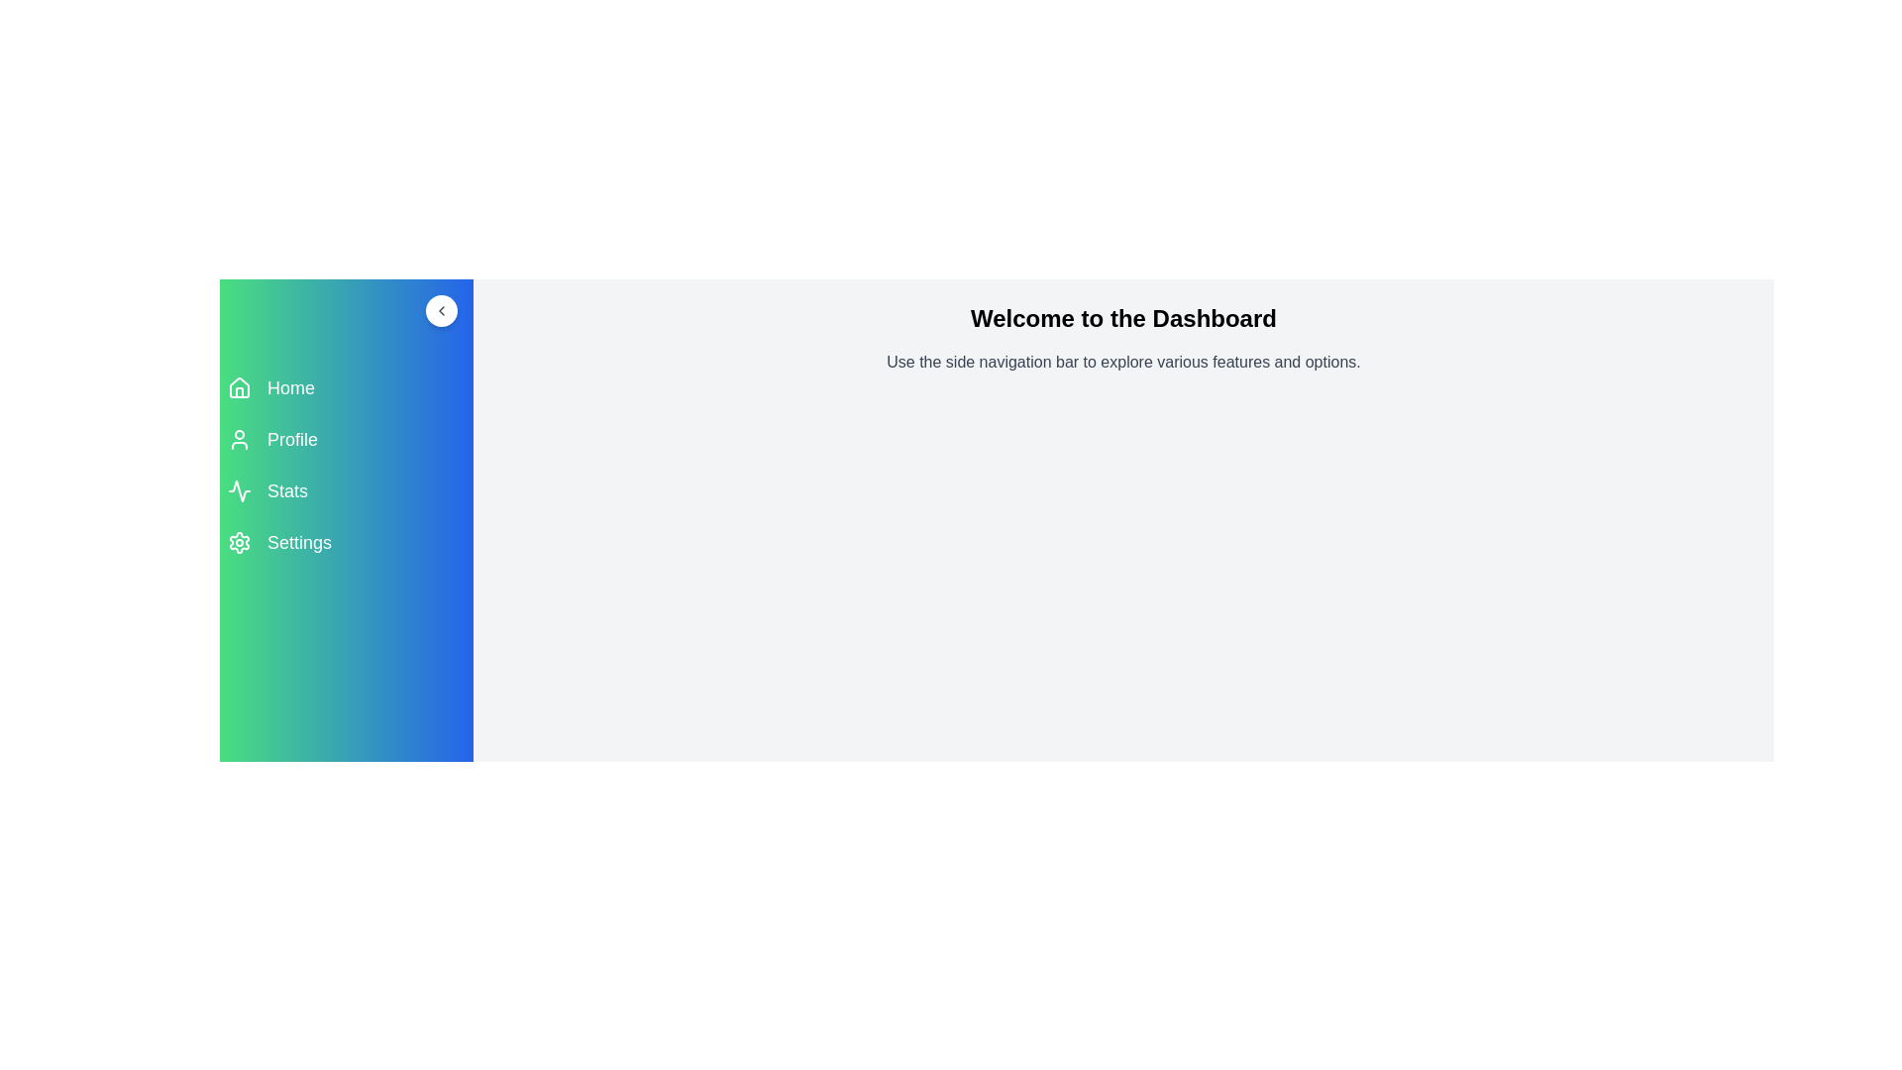 This screenshot has height=1070, width=1902. Describe the element at coordinates (238, 542) in the screenshot. I see `the gear-like icon located at the bottom of the vertical item list in the sidebar` at that location.